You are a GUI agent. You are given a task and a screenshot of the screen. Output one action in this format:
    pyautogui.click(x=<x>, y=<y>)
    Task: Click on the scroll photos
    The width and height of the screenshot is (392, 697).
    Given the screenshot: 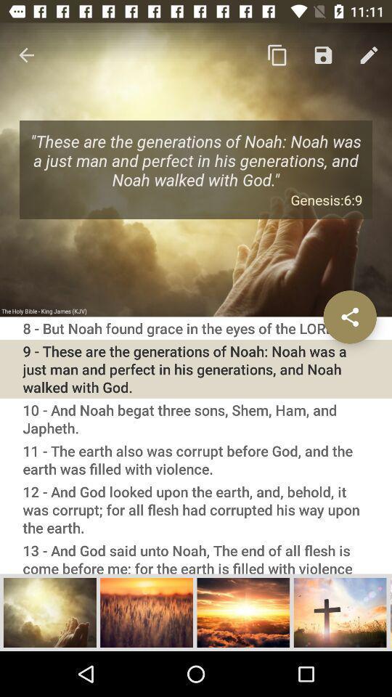 What is the action you would take?
    pyautogui.click(x=391, y=611)
    